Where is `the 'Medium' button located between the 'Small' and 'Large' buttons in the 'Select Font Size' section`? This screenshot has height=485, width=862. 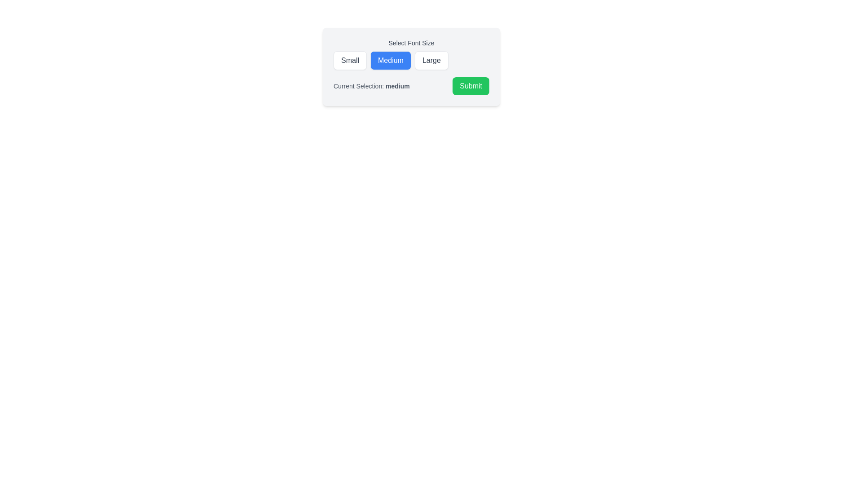 the 'Medium' button located between the 'Small' and 'Large' buttons in the 'Select Font Size' section is located at coordinates (411, 66).